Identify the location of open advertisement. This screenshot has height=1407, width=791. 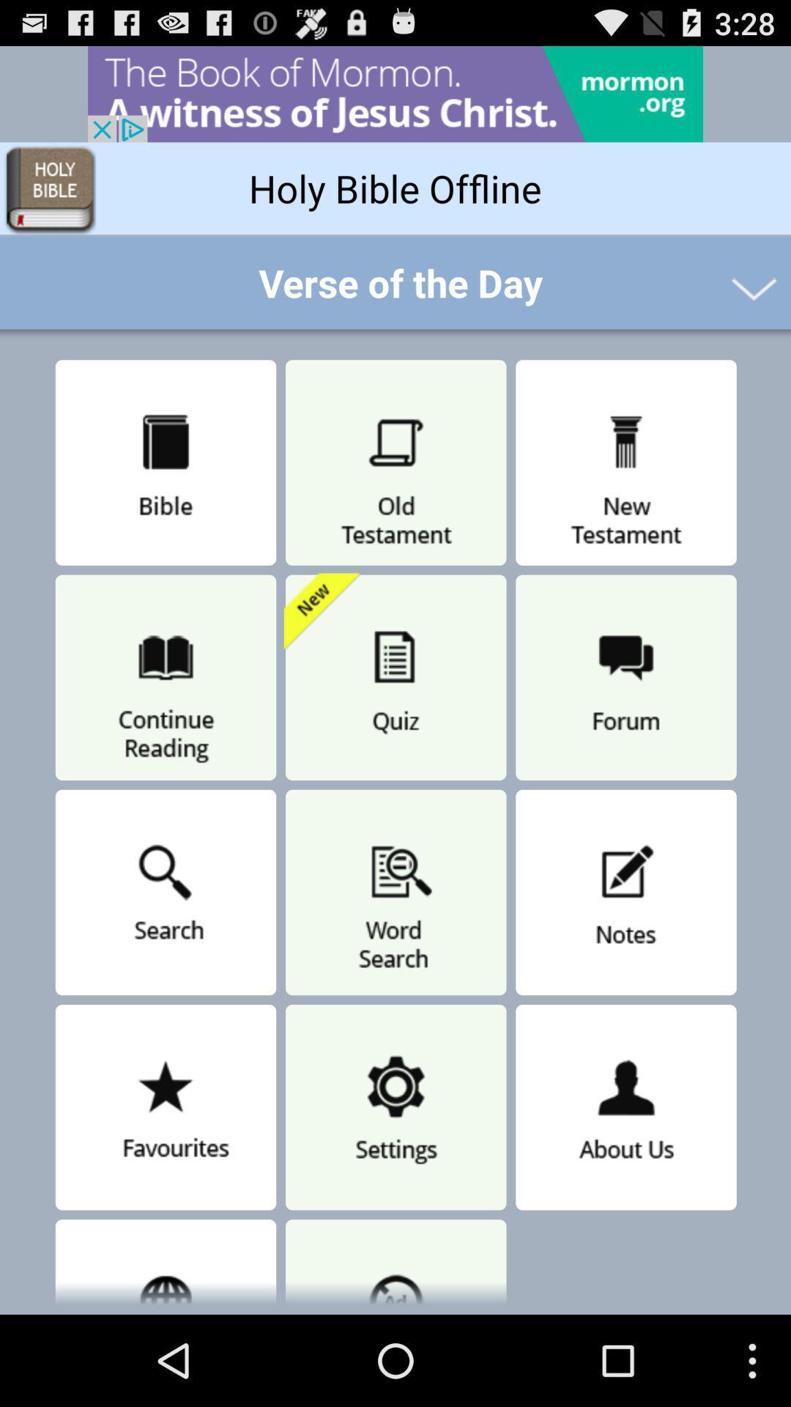
(395, 93).